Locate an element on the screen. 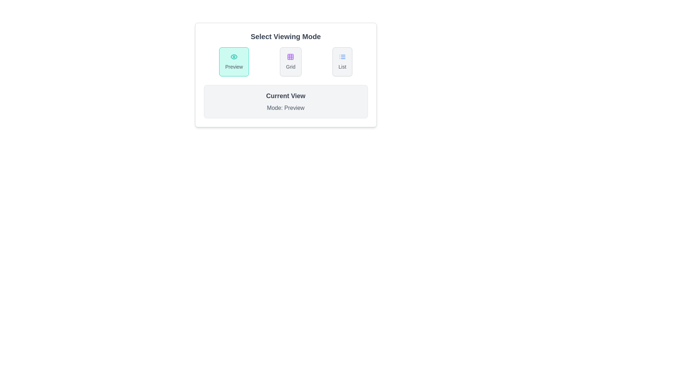 The image size is (682, 384). the eye icon within the 'Preview' button in the 'Select Viewing Mode' section is located at coordinates (234, 56).